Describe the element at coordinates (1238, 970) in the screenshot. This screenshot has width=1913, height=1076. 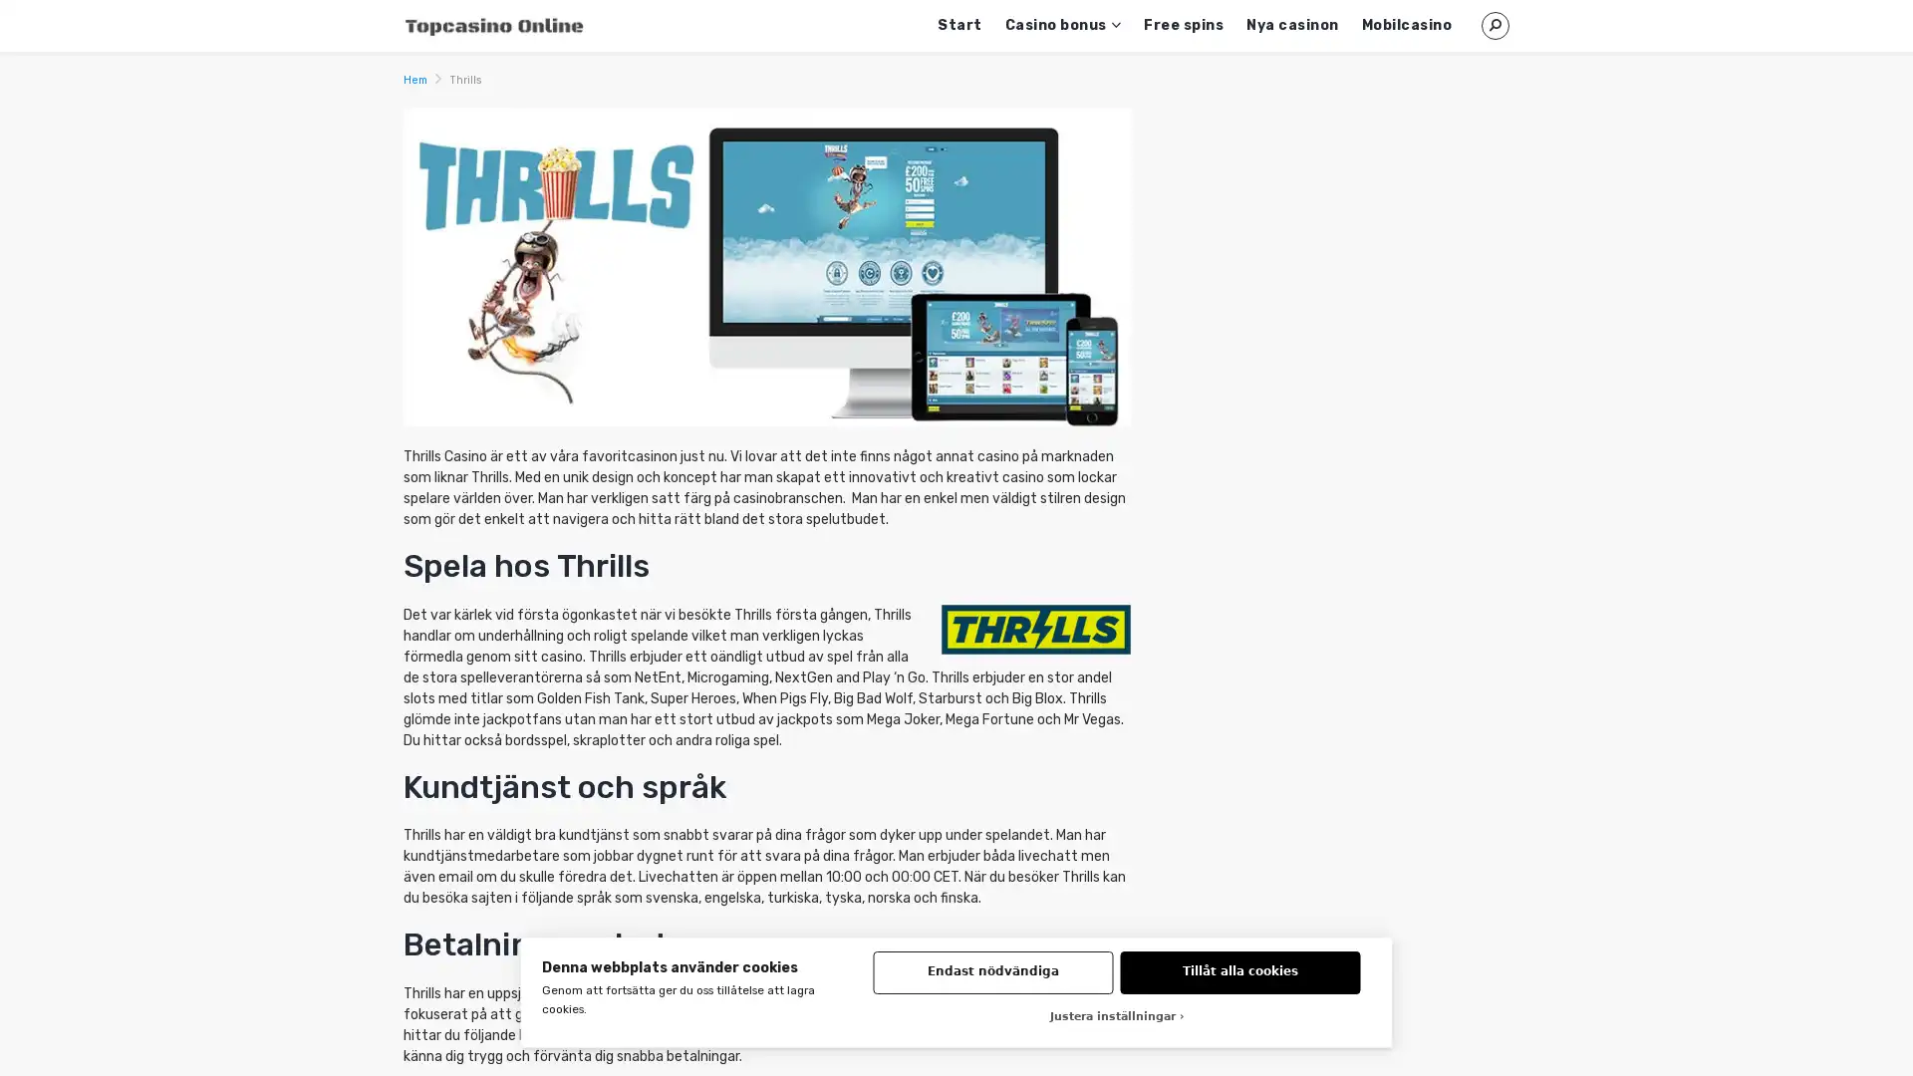
I see `Tillat alla cookies` at that location.